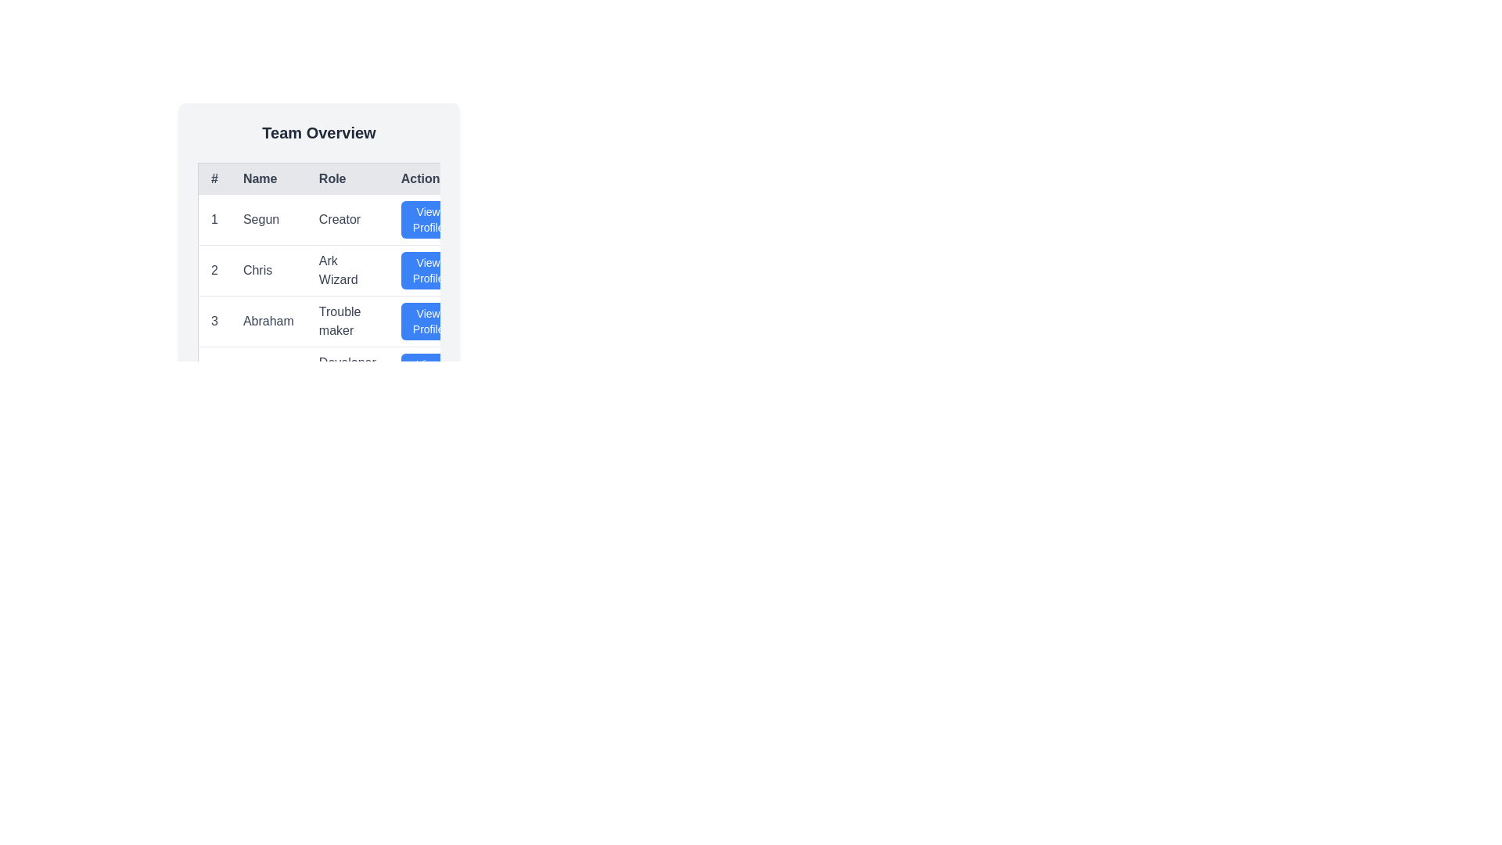 The image size is (1502, 845). Describe the element at coordinates (435, 270) in the screenshot. I see `the button located in the second action column of the data table for the row labeled 'Chris'` at that location.